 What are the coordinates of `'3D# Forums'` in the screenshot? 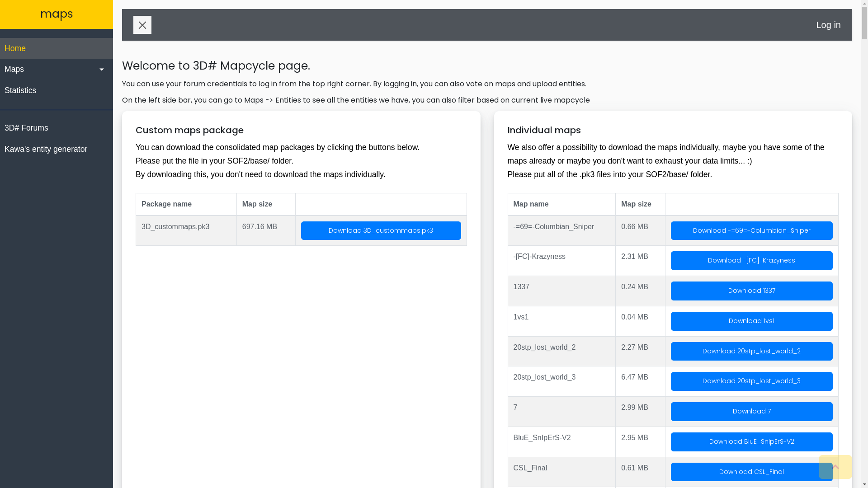 It's located at (56, 127).